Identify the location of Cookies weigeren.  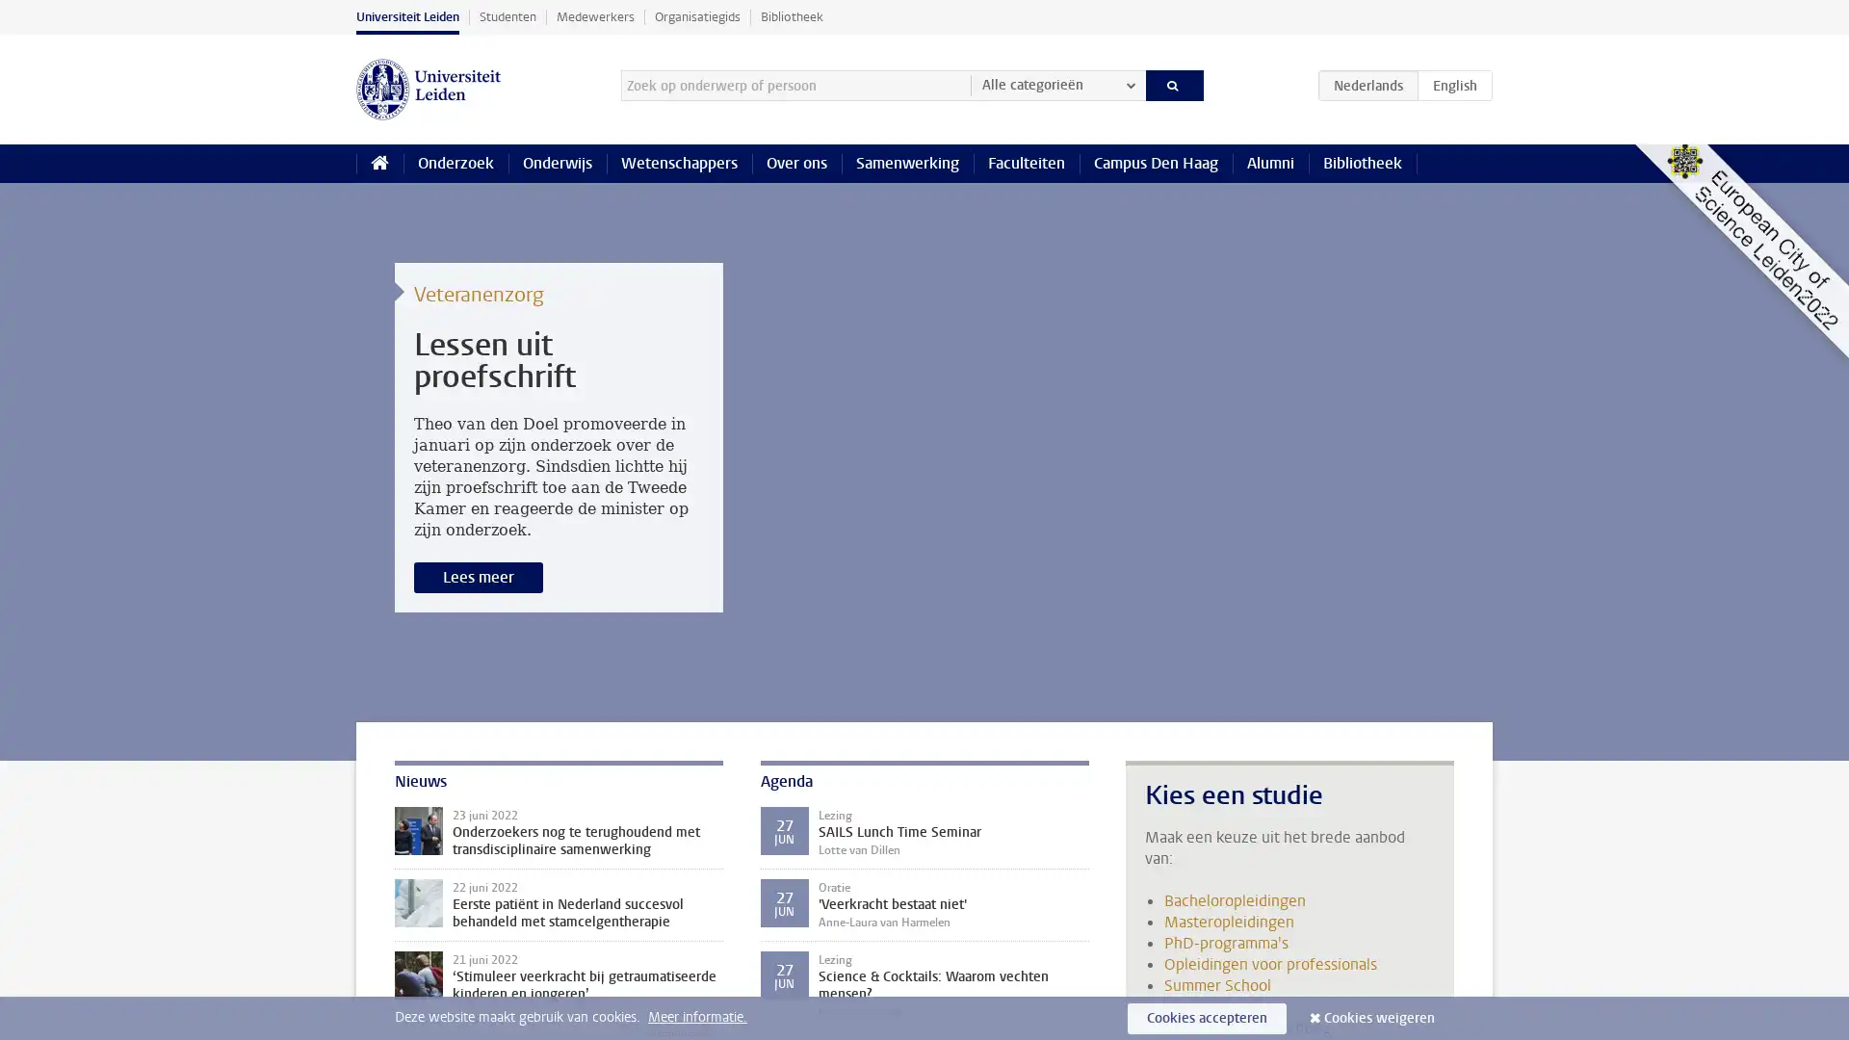
(1378, 1017).